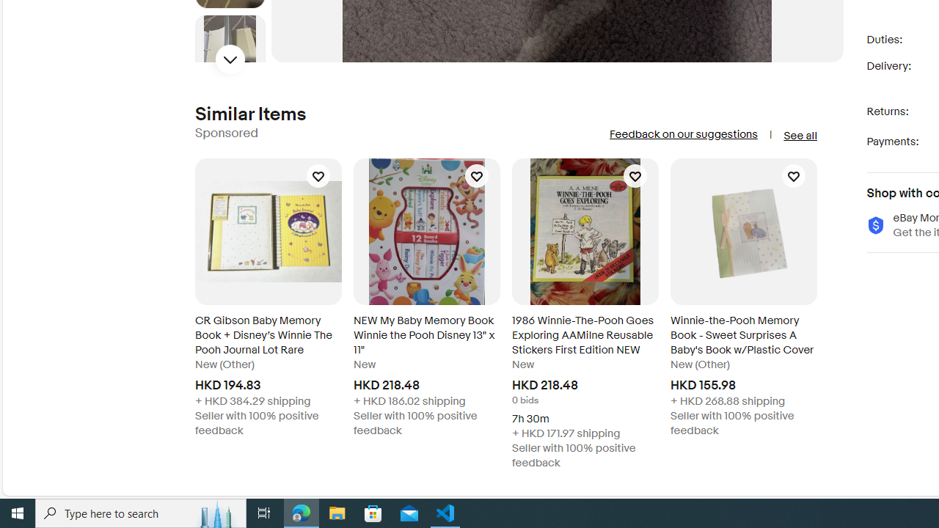 The width and height of the screenshot is (939, 528). I want to click on 'See all', so click(799, 136).